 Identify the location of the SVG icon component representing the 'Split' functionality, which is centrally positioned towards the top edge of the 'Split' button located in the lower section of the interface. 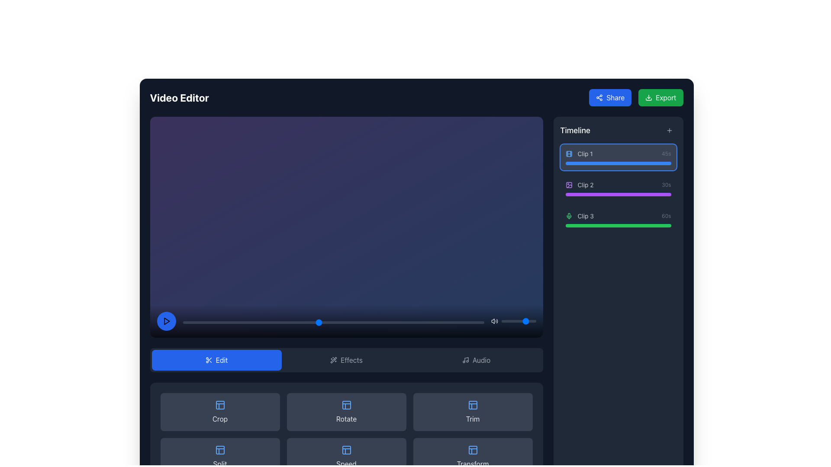
(220, 449).